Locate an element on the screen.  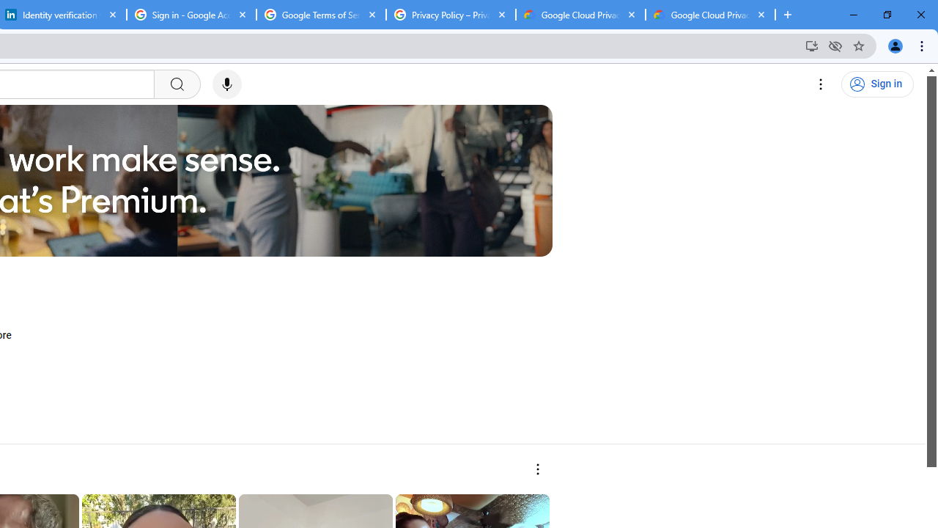
'More actions' is located at coordinates (536, 469).